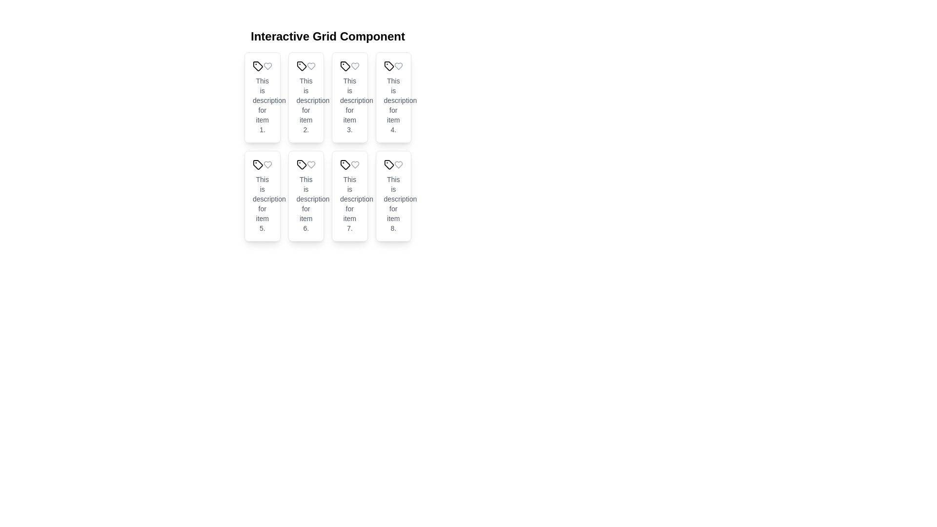  Describe the element at coordinates (398, 66) in the screenshot. I see `the heart icon in the upper-right corner of the fourth card in the grid layout` at that location.